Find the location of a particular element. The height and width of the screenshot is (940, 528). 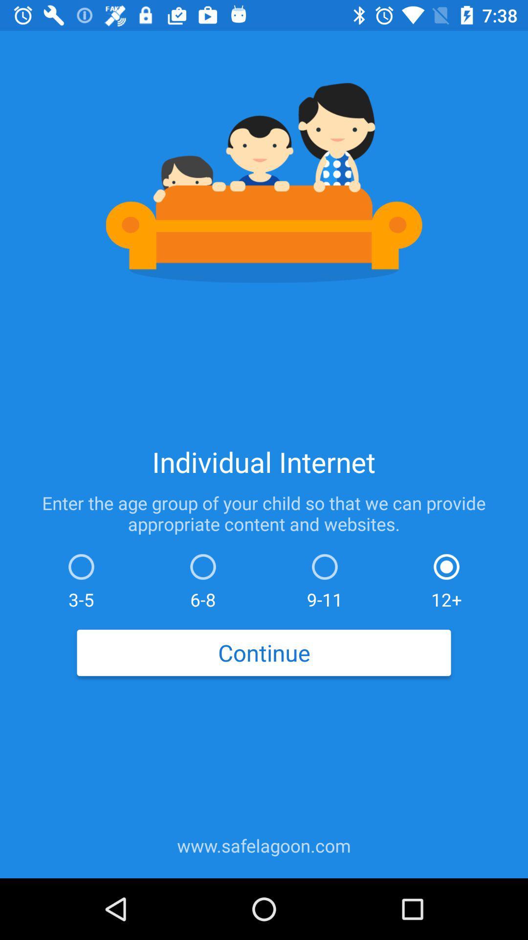

the icon next to 12+ is located at coordinates (325, 579).